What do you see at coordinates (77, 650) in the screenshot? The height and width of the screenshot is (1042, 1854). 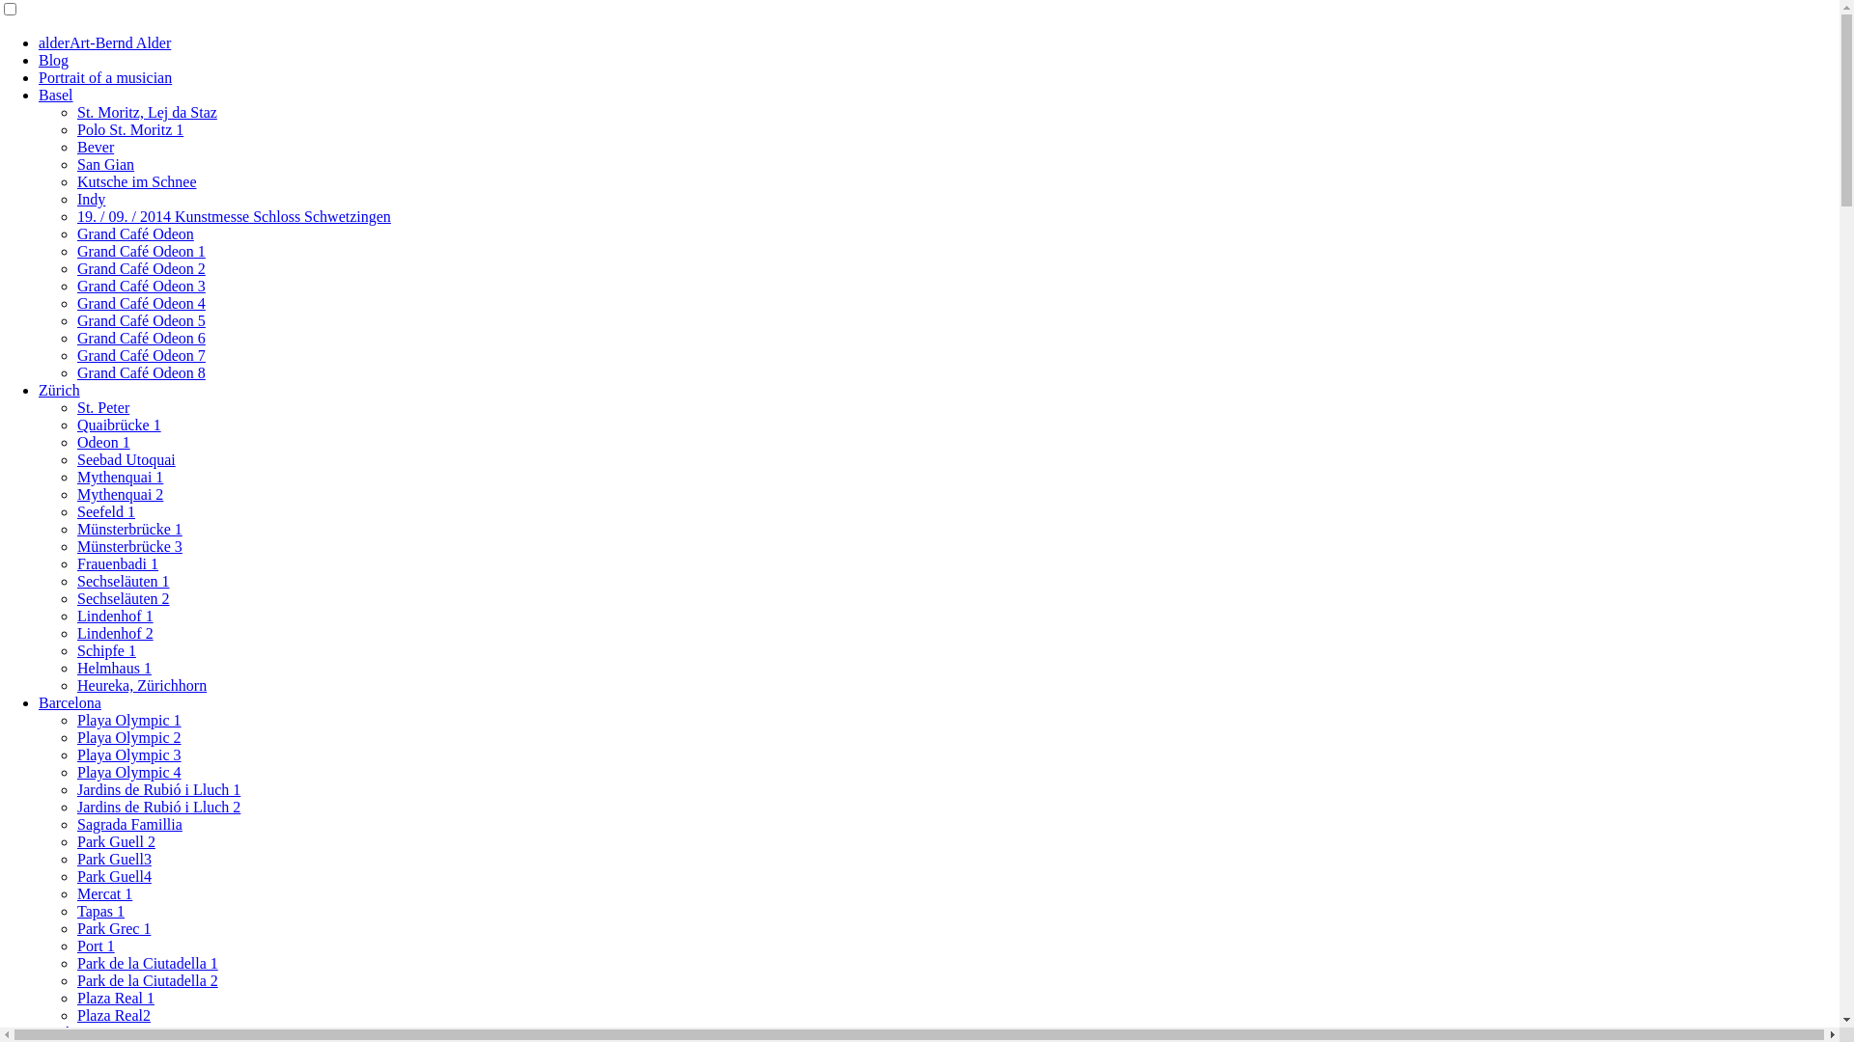 I see `'Schipfe 1'` at bounding box center [77, 650].